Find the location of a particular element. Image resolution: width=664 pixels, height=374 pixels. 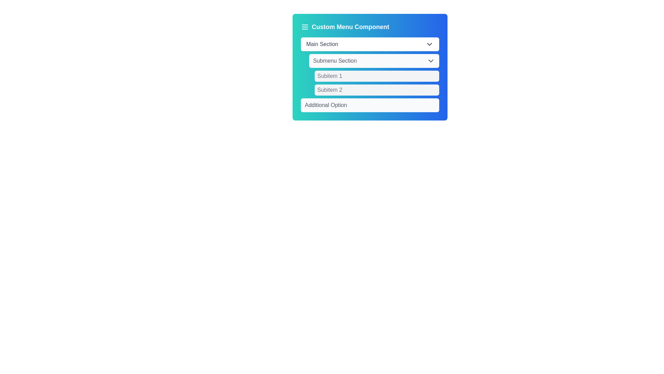

the second submenu item labeled 'Subitem 2' is located at coordinates (376, 89).